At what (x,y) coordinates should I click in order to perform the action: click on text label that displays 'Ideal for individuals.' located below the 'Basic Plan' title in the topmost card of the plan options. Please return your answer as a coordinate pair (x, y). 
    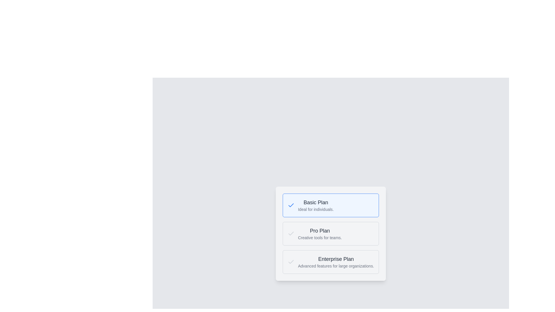
    Looking at the image, I should click on (315, 209).